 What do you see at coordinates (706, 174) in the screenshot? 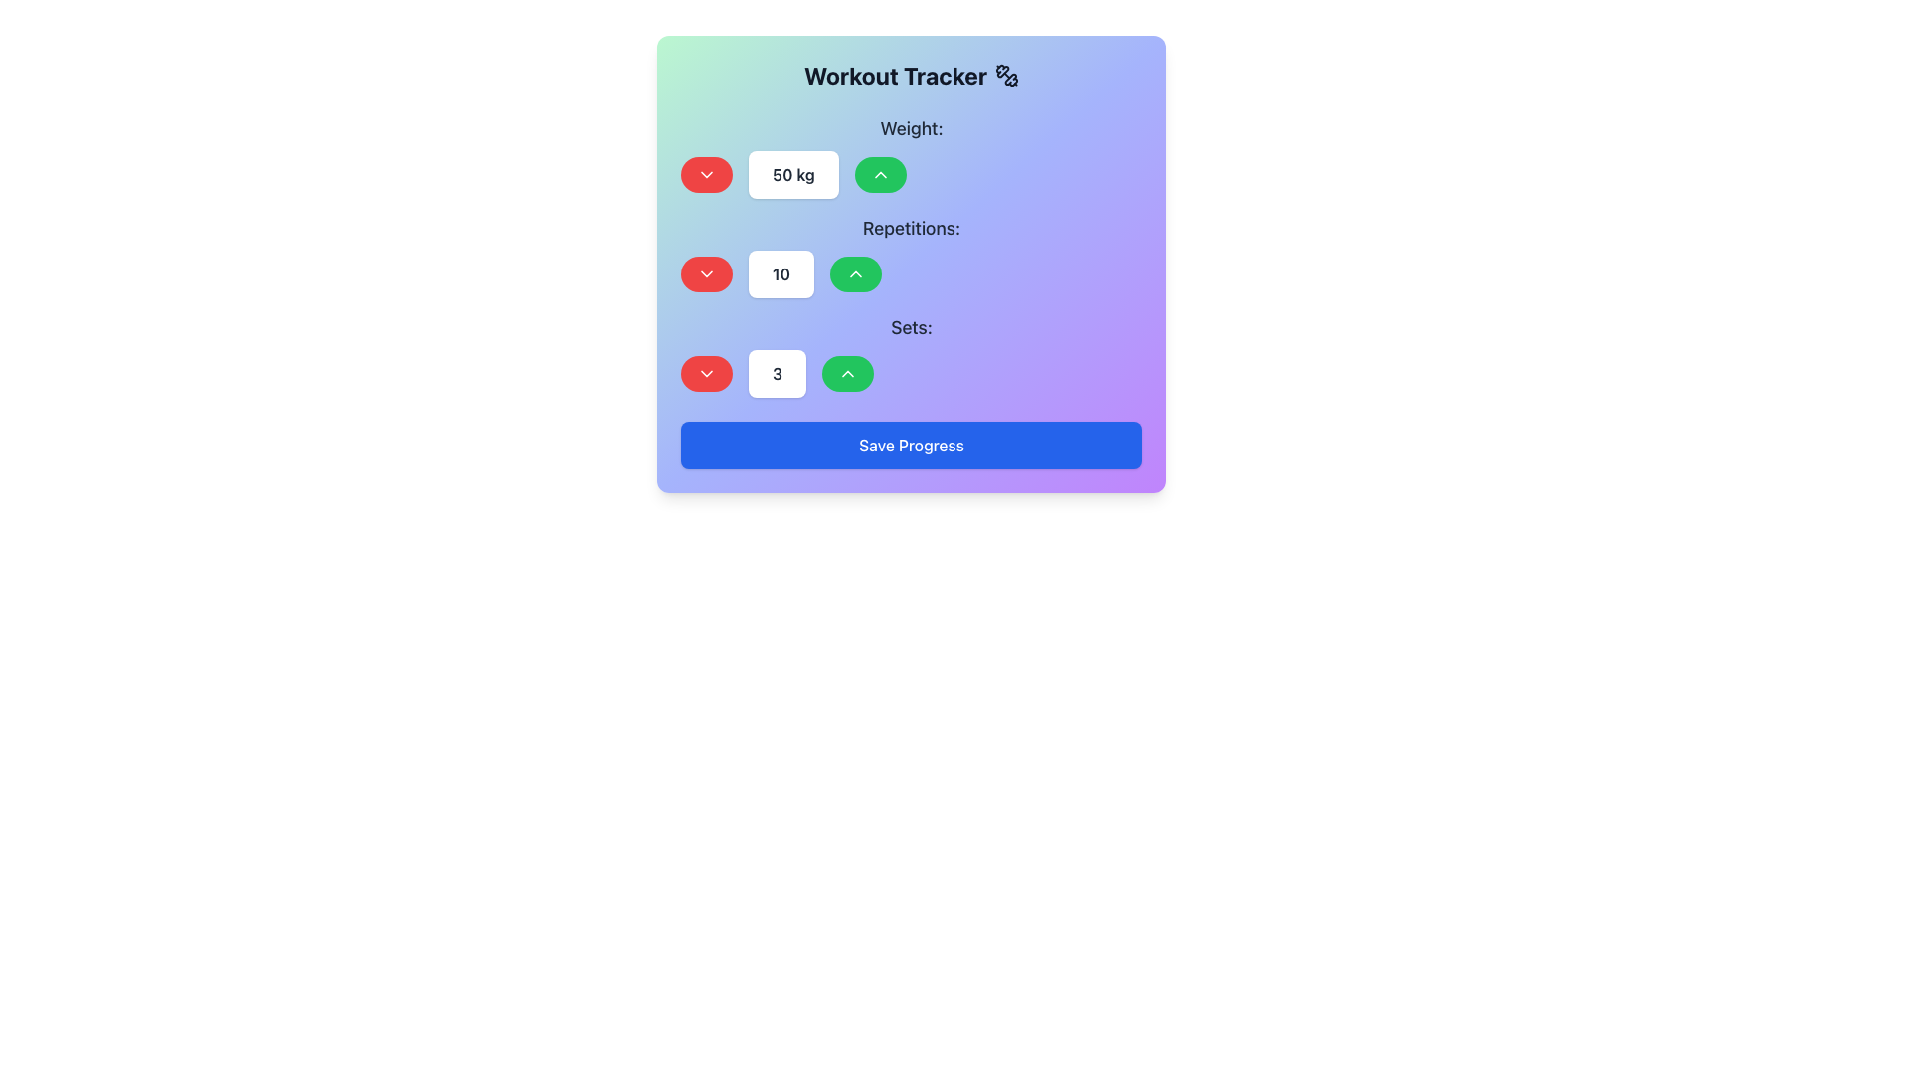
I see `the leftmost red pill-shaped button with a downward-pointing chevron icon to decrease the weight above the text '50 kg'` at bounding box center [706, 174].